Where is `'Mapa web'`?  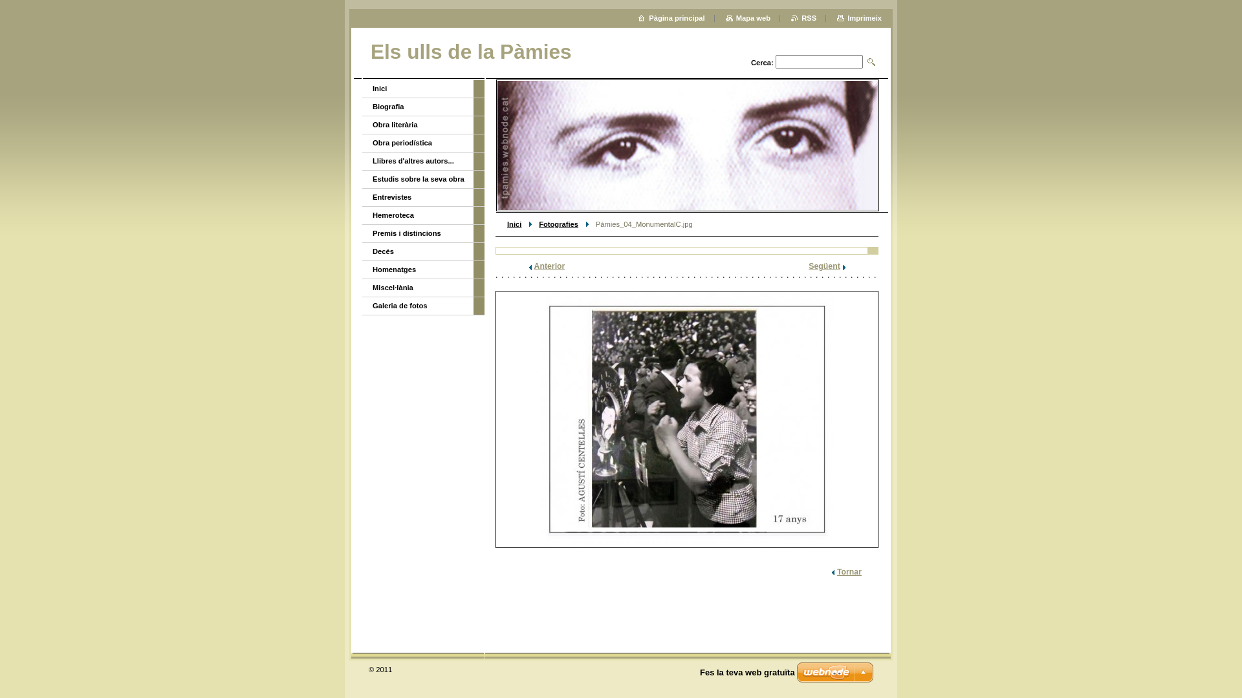
'Mapa web' is located at coordinates (726, 17).